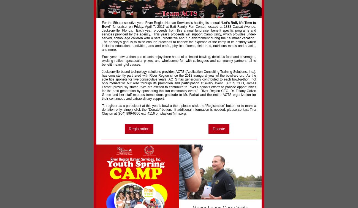  I want to click on '.', so click(185, 113).